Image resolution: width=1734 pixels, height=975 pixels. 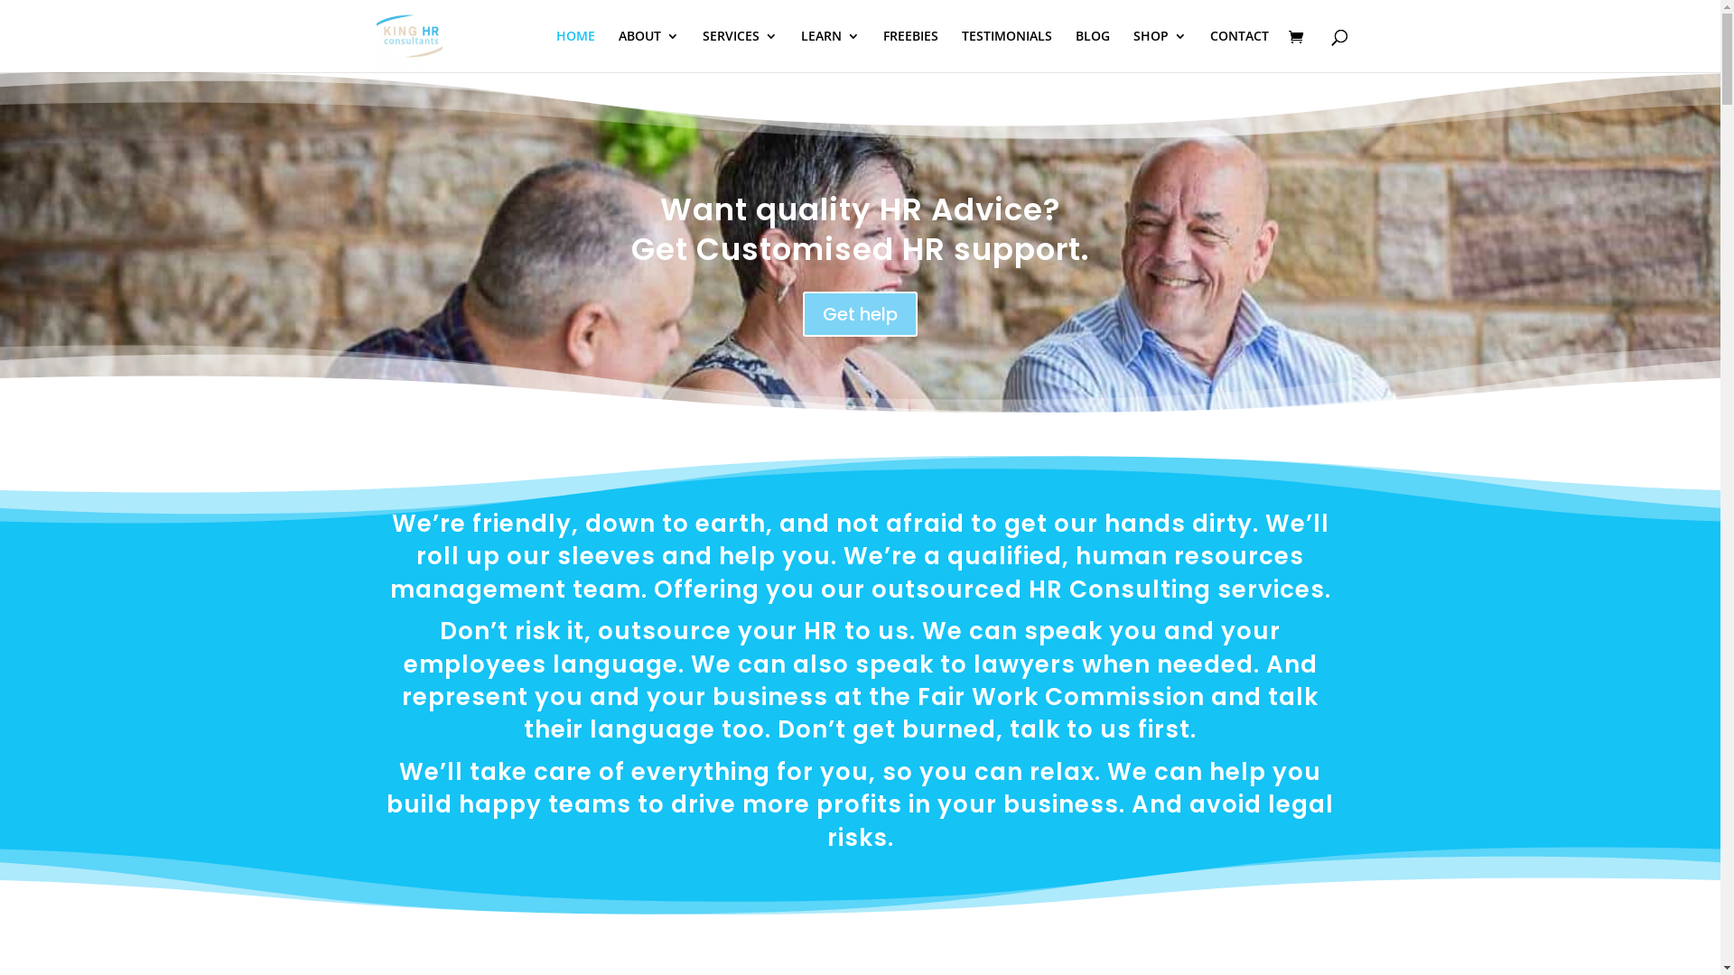 What do you see at coordinates (1159, 50) in the screenshot?
I see `'SHOP'` at bounding box center [1159, 50].